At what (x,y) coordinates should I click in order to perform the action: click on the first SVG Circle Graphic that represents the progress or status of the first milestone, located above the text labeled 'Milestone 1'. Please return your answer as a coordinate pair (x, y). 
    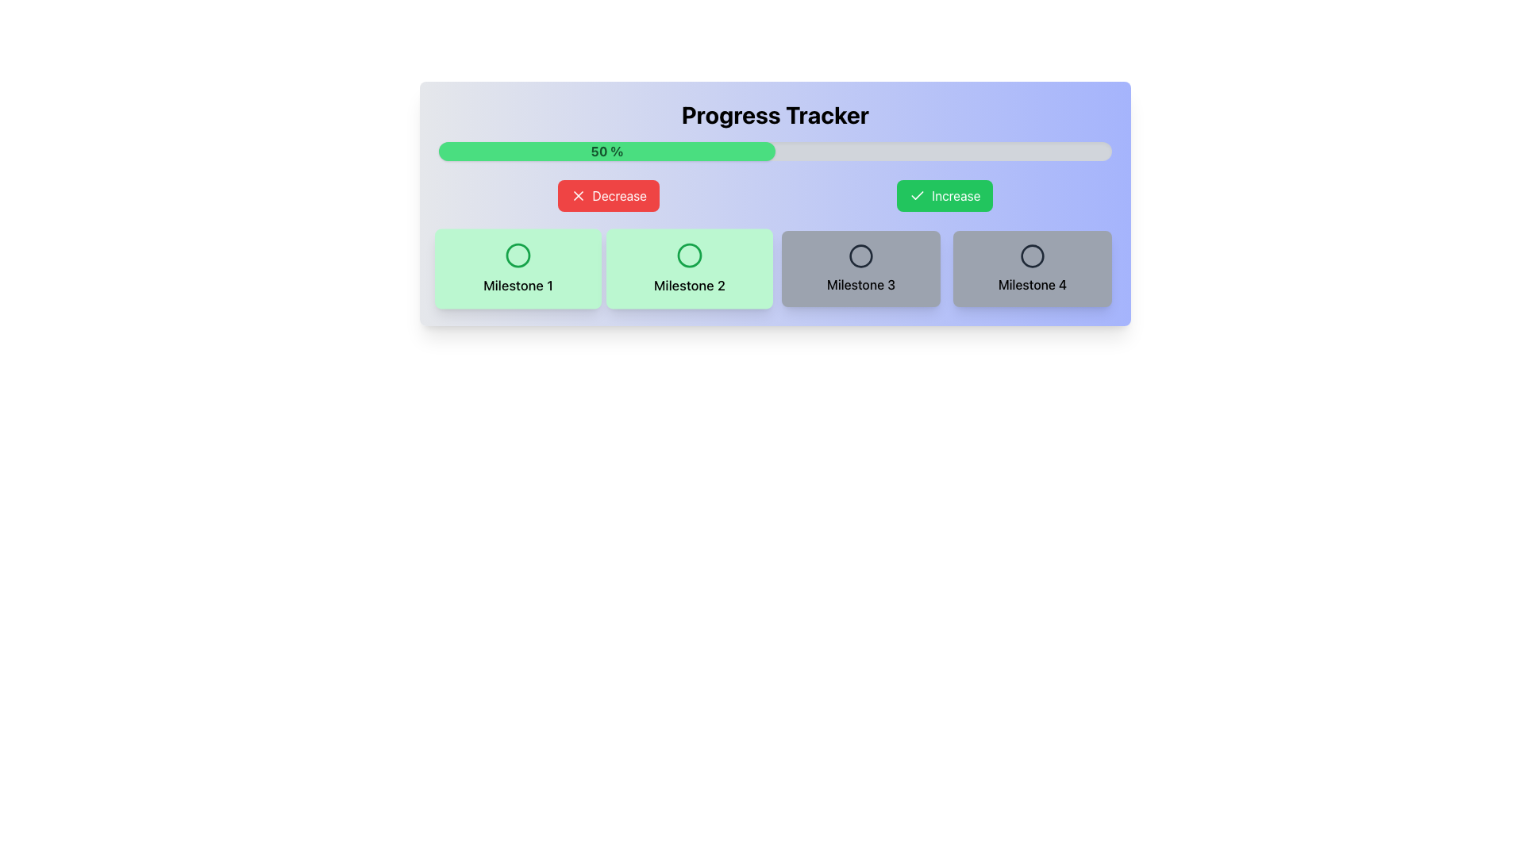
    Looking at the image, I should click on (518, 254).